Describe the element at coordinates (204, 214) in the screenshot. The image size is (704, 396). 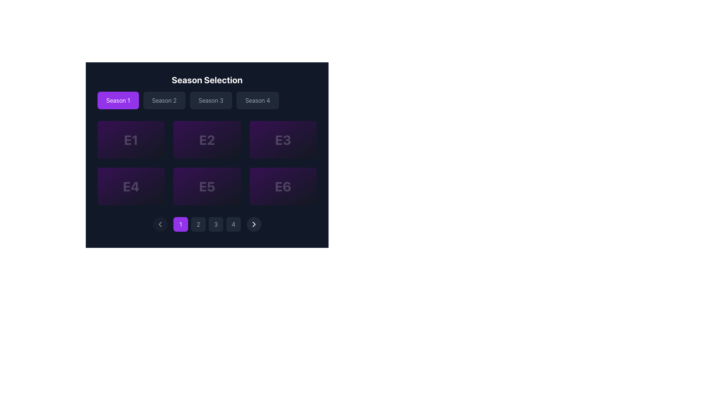
I see `the circular graphical element within the pagination navigation bar that is centered around the pagination button labeled '2'` at that location.